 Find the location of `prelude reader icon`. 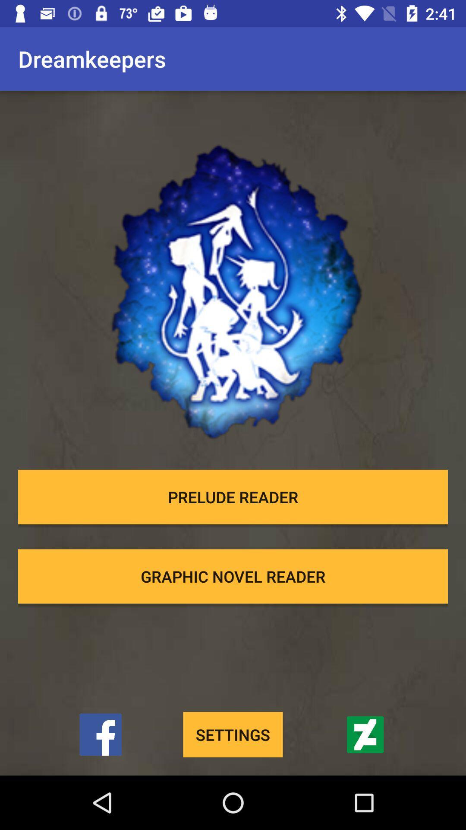

prelude reader icon is located at coordinates (233, 497).